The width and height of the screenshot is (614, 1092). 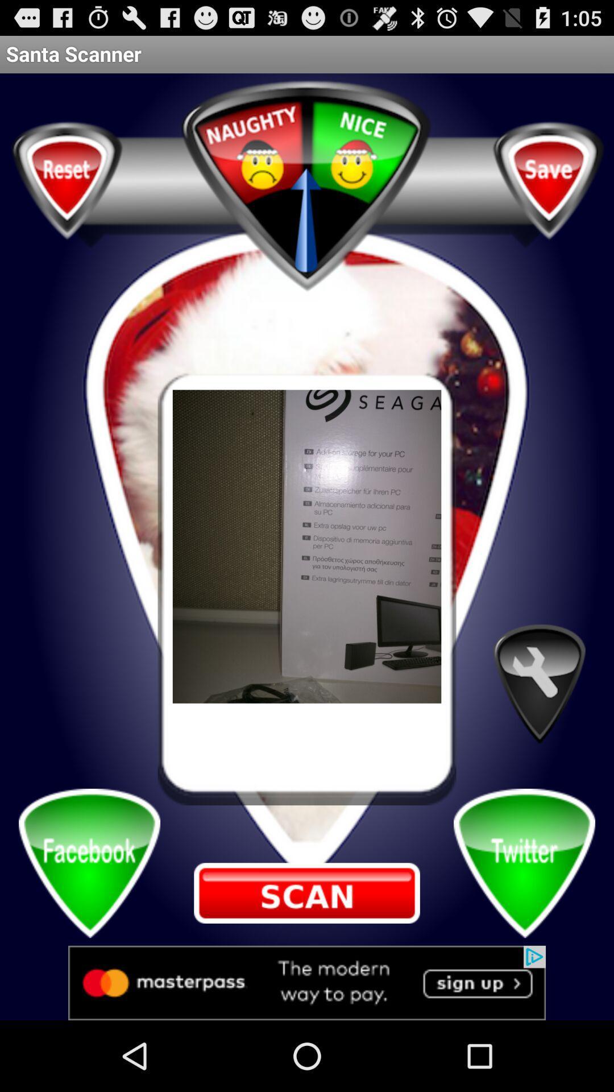 I want to click on the date_range icon, so click(x=307, y=955).